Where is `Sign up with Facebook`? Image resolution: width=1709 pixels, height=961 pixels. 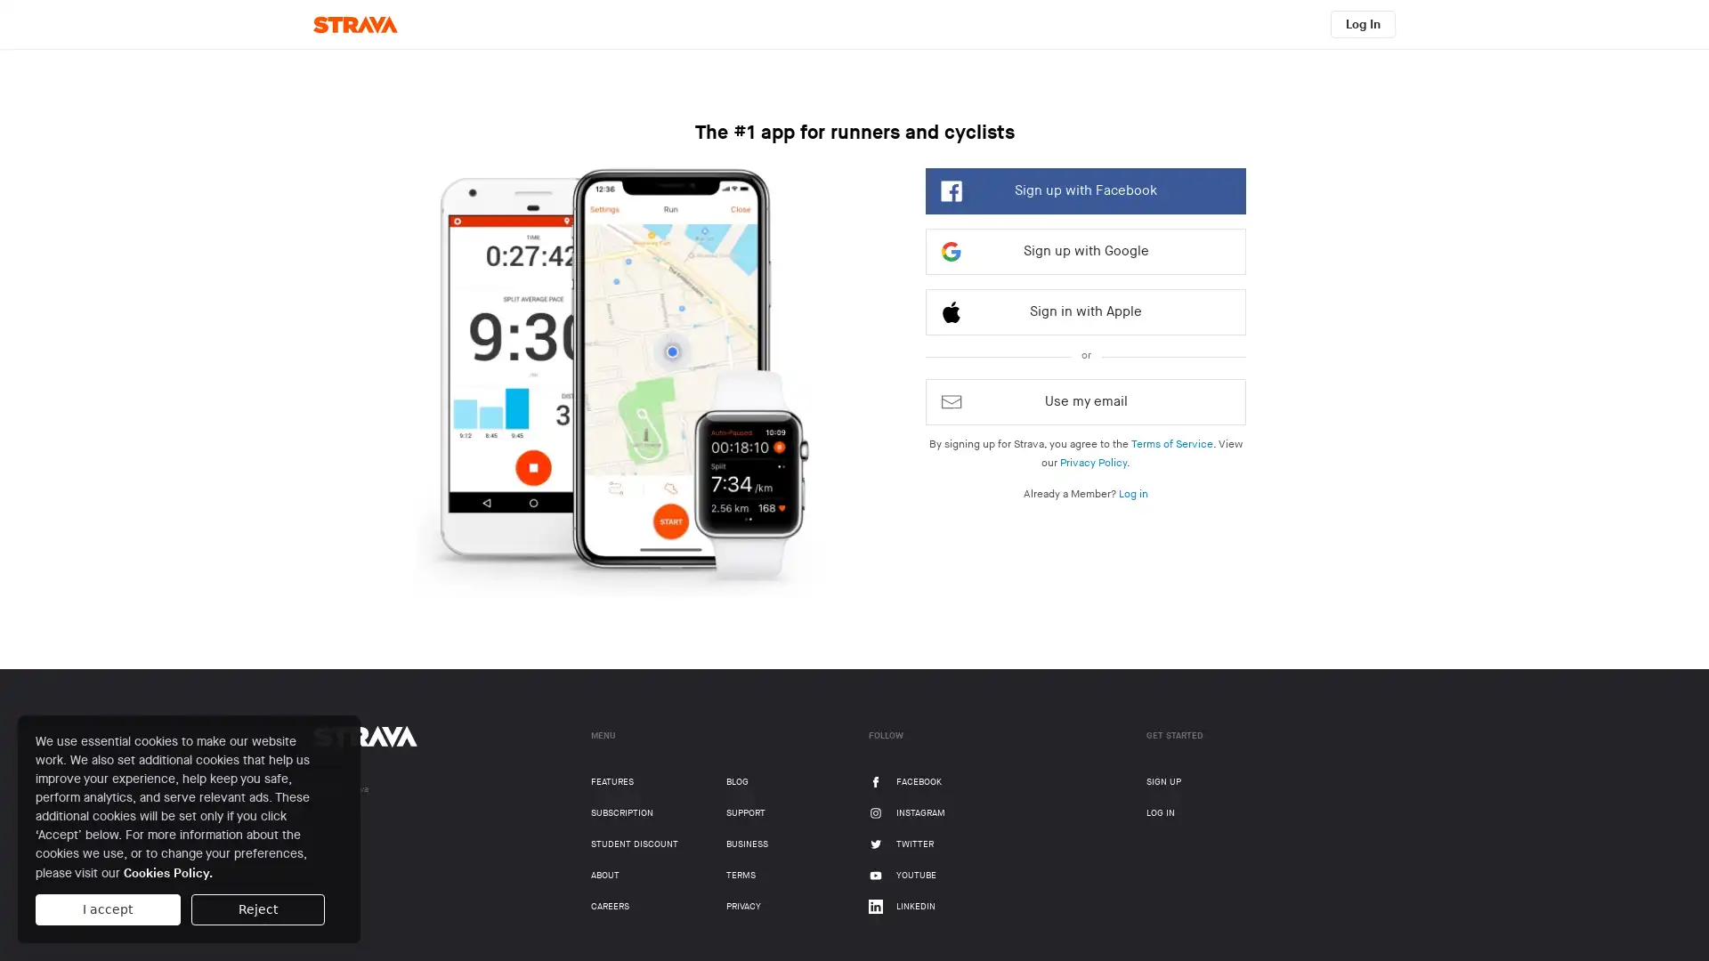 Sign up with Facebook is located at coordinates (1084, 191).